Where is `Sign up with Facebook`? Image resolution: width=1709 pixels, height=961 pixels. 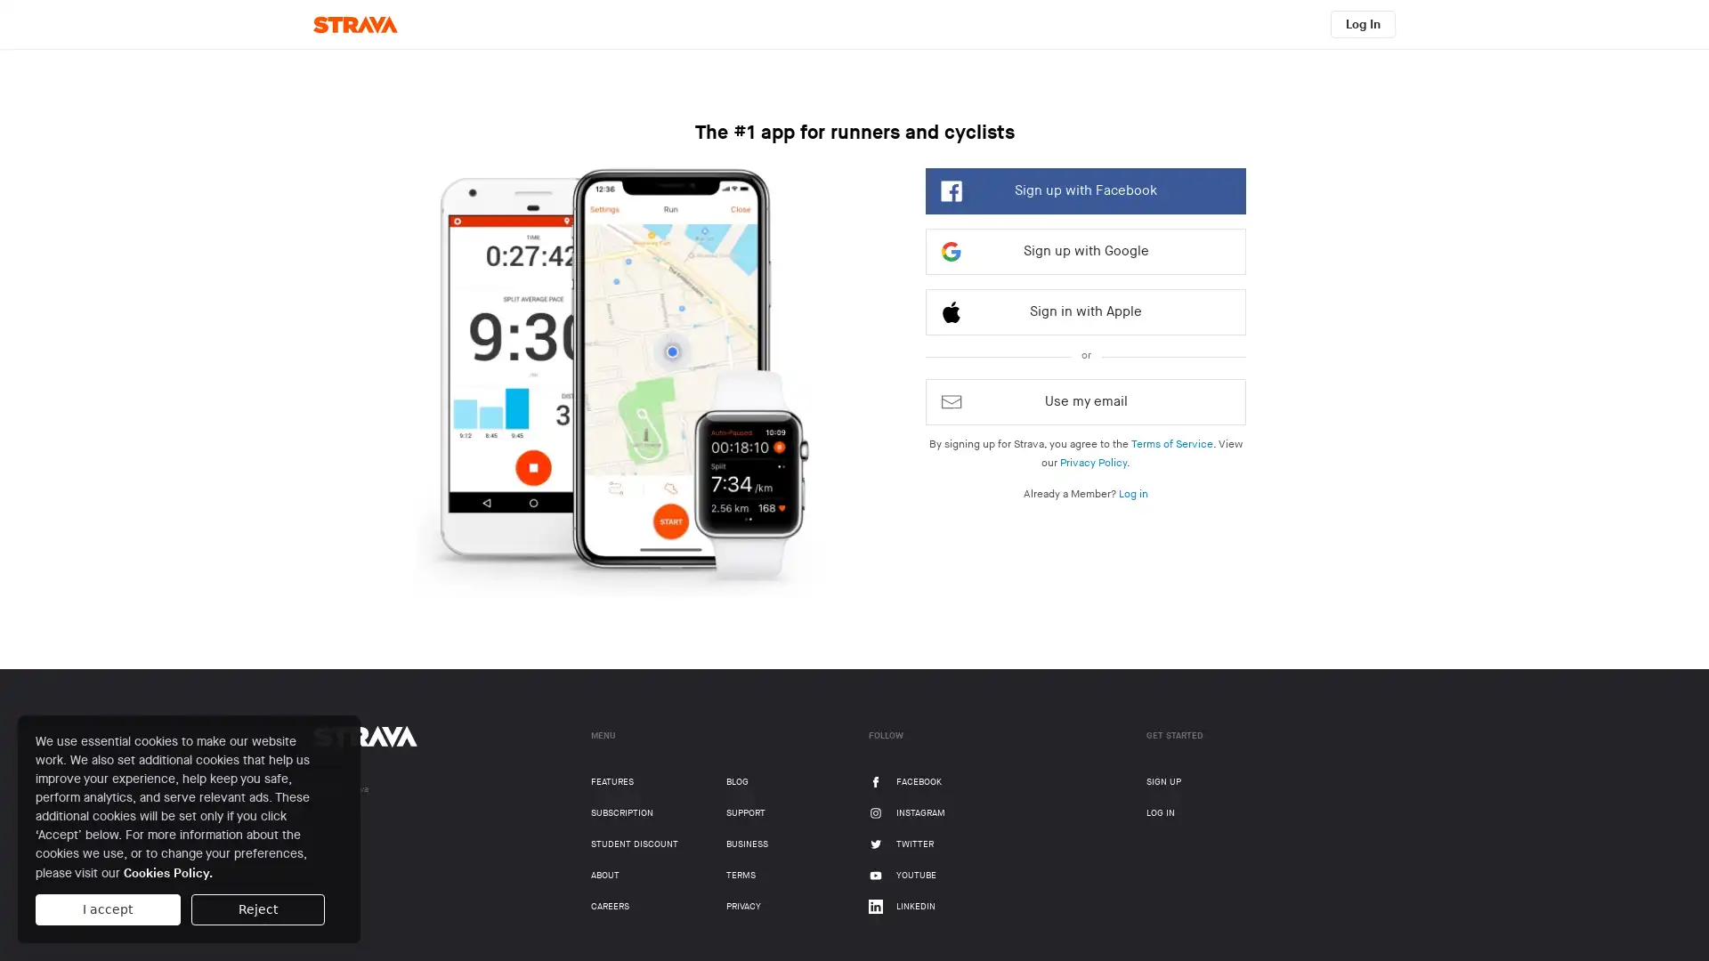 Sign up with Facebook is located at coordinates (1084, 191).